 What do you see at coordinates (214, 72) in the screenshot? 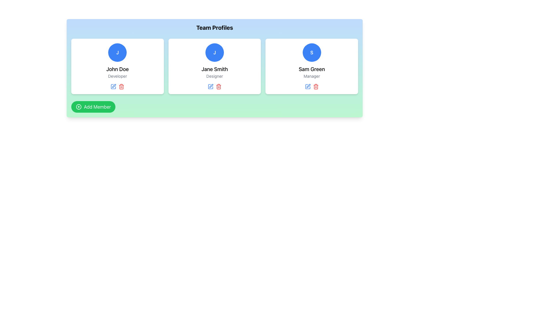
I see `the text display that shows the name and title of the team member in the middle card of the 'Team Profiles' section` at bounding box center [214, 72].